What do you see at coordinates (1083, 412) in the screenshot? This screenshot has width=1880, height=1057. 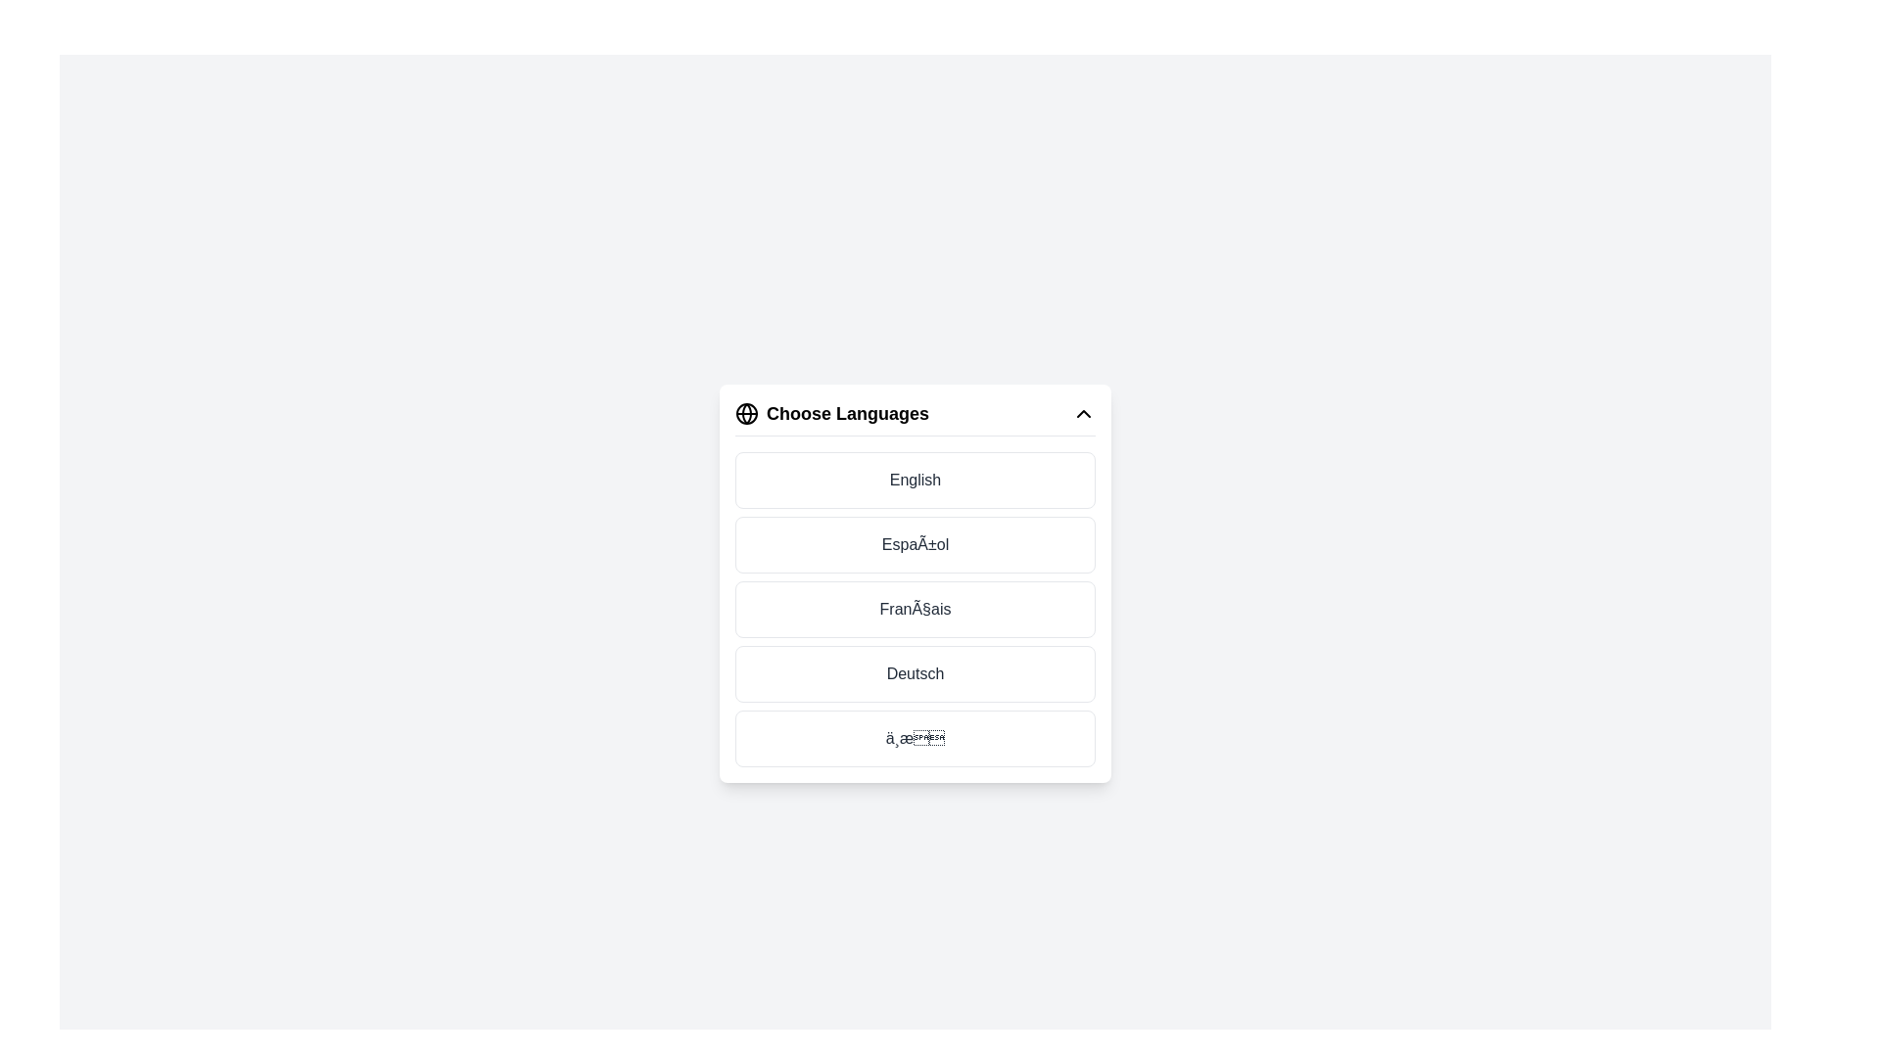 I see `the downward chevron icon (SVG graphic) located to the right of the 'Choose Languages' text` at bounding box center [1083, 412].